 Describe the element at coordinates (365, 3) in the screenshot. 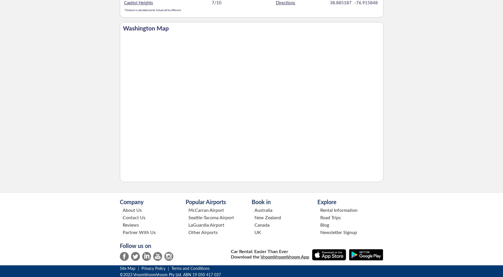

I see `'-76.915848'` at that location.